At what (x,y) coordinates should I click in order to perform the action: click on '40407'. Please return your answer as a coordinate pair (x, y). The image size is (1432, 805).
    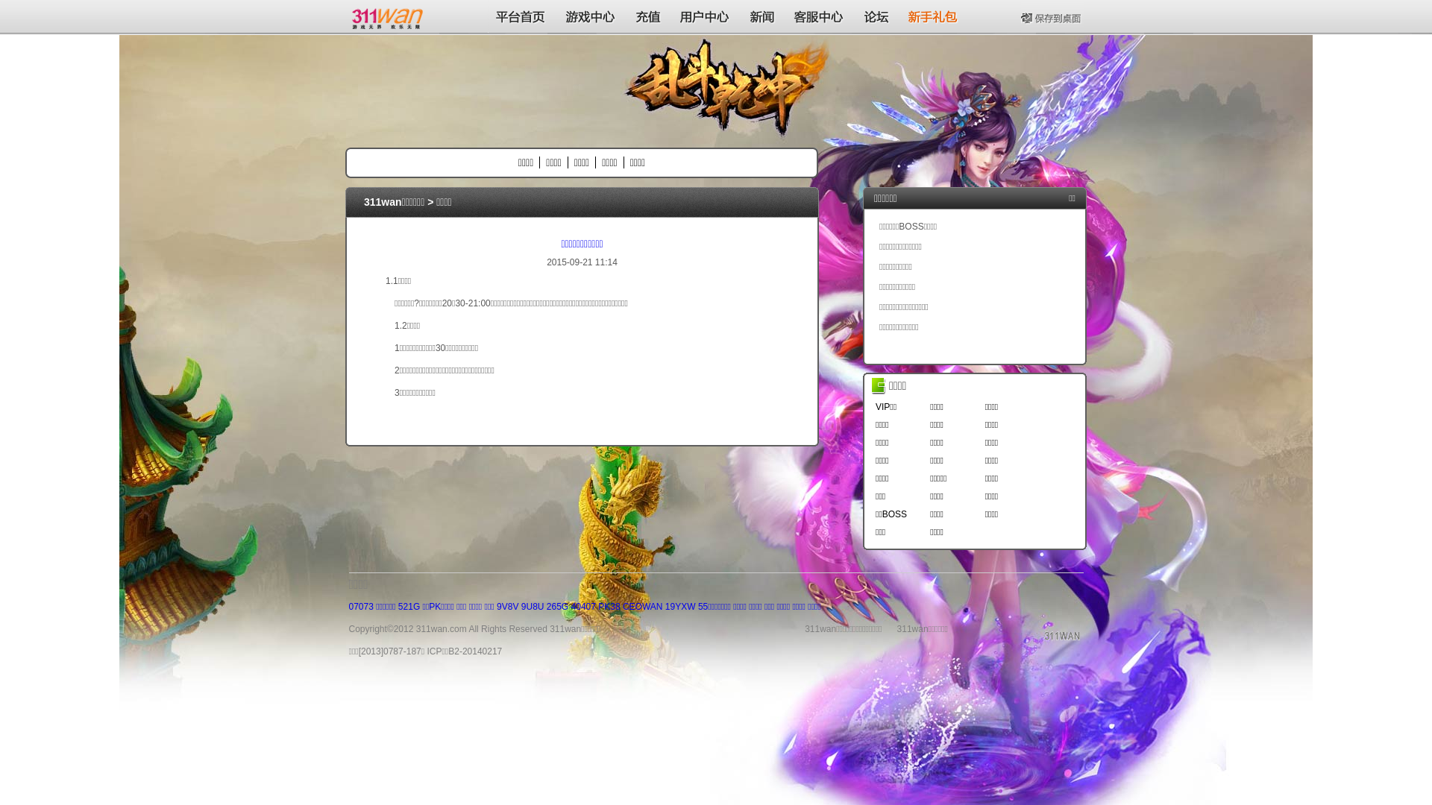
    Looking at the image, I should click on (582, 606).